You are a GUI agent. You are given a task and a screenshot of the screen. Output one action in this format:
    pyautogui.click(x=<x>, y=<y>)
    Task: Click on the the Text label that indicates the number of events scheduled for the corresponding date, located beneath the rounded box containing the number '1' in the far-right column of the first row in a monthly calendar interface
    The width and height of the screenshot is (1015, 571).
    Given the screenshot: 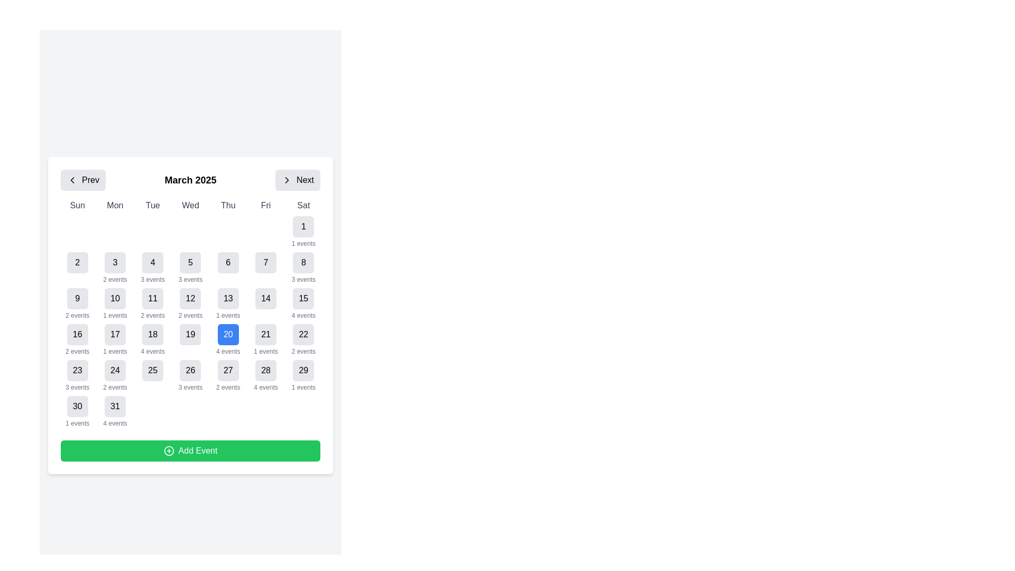 What is the action you would take?
    pyautogui.click(x=115, y=315)
    